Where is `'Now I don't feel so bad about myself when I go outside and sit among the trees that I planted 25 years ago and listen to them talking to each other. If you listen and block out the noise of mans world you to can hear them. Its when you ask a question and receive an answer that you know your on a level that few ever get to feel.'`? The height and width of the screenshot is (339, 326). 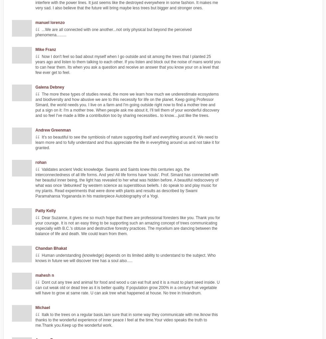
'Now I don't feel so bad about myself when I go outside and sit among the trees that I planted 25 years ago and listen to them talking to each other. If you listen and block out the noise of mans world you to can hear them. Its when you ask a question and receive an answer that you know your on a level that few ever get to feel.' is located at coordinates (127, 65).